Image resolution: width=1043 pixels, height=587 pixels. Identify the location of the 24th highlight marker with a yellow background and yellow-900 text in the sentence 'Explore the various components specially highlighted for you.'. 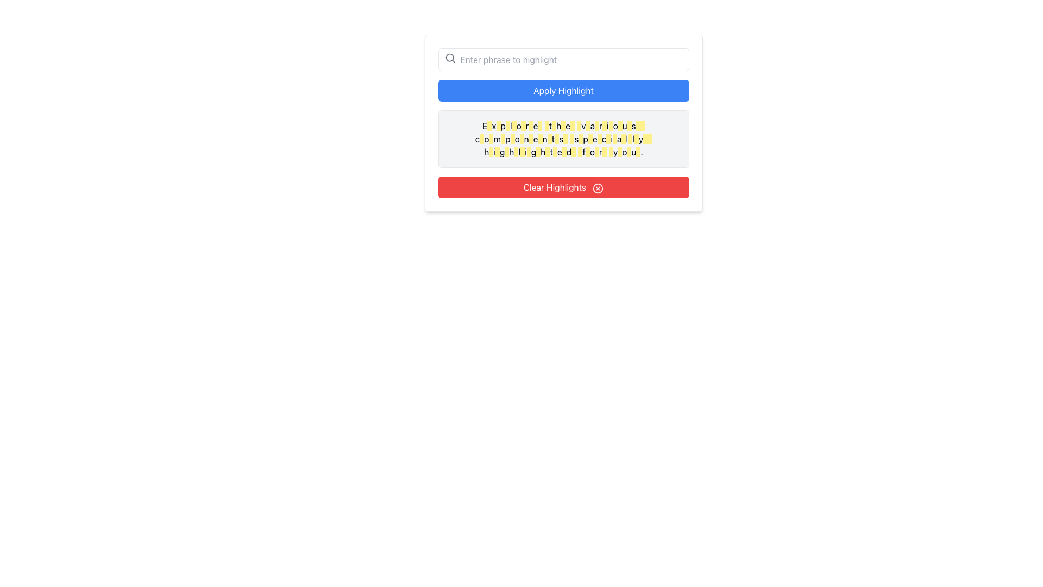
(580, 138).